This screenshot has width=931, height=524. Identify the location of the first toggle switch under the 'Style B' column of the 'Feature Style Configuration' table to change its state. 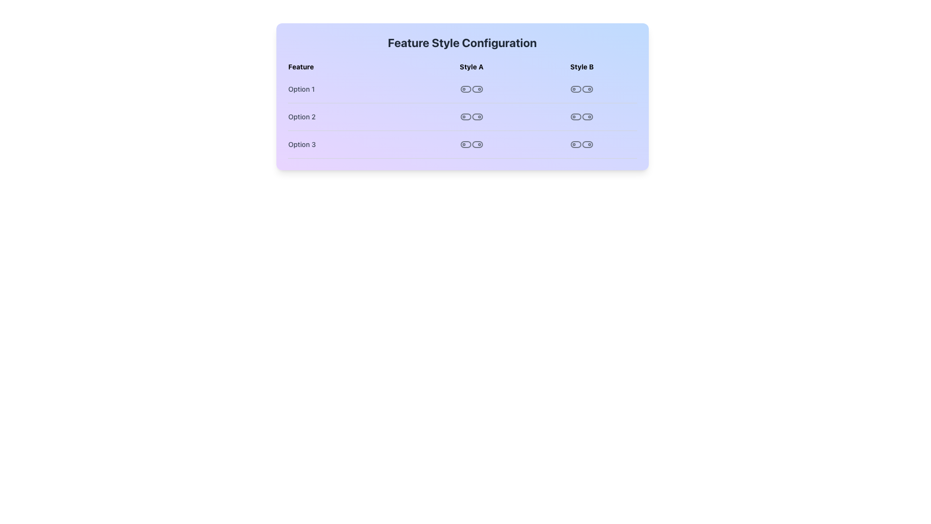
(576, 89).